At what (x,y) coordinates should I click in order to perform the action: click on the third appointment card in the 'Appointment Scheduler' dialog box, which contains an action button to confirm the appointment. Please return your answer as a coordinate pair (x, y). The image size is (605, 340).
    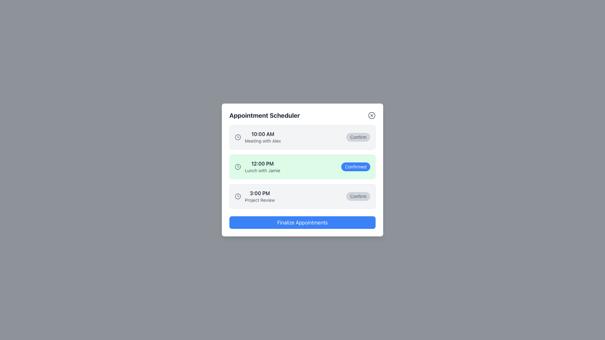
    Looking at the image, I should click on (302, 196).